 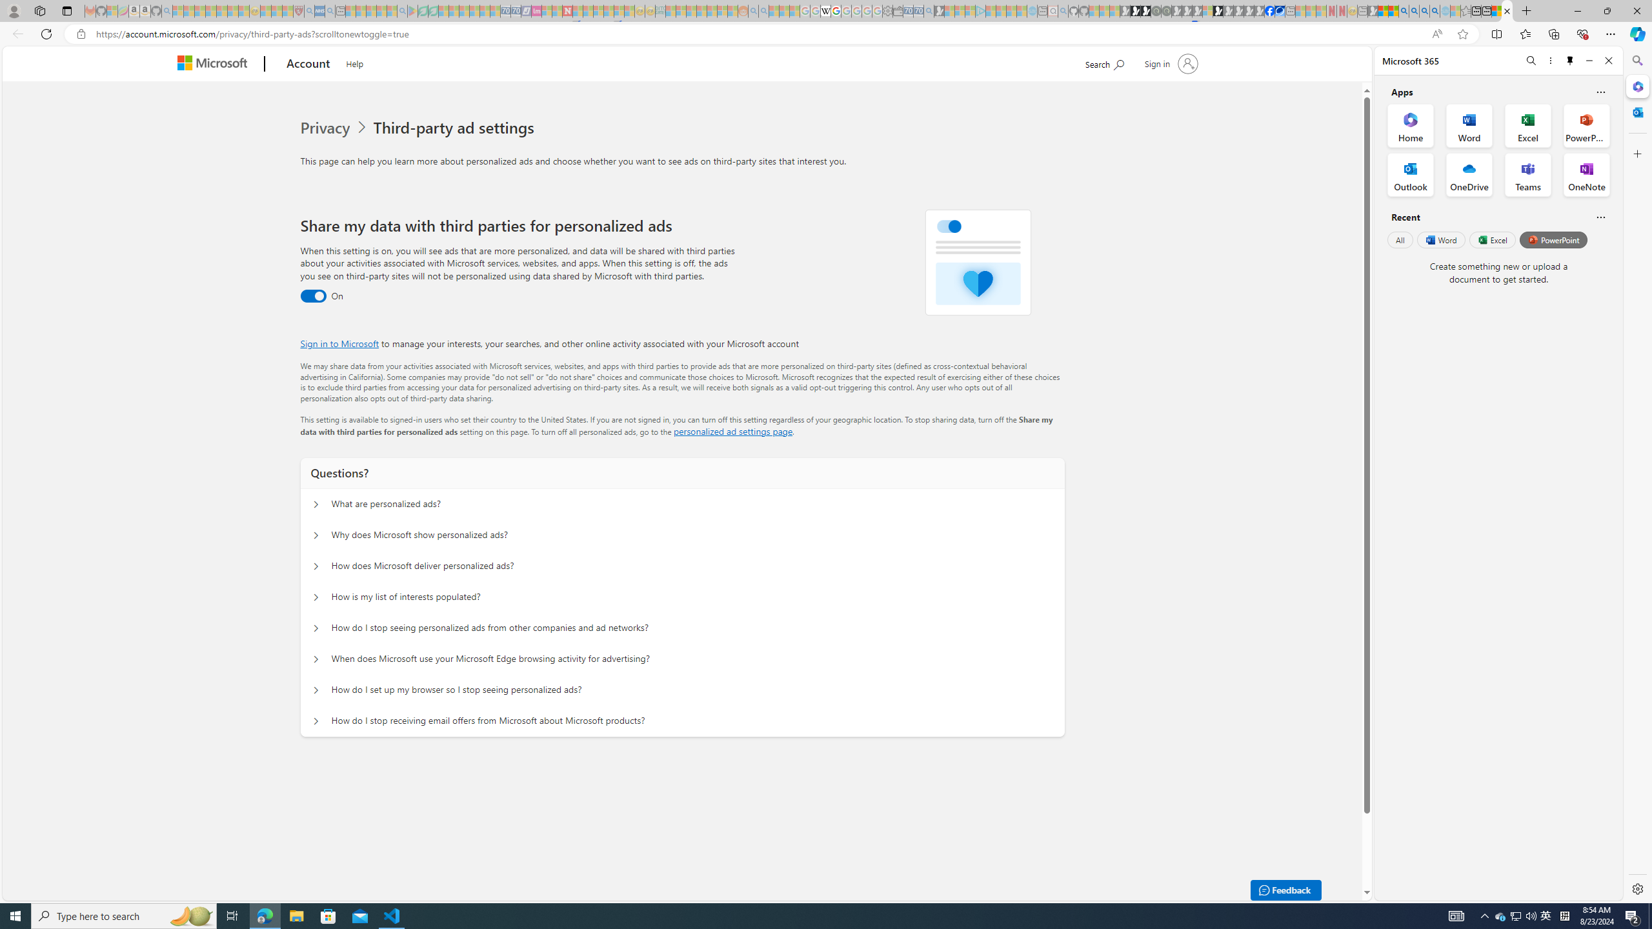 I want to click on 'Sign in to your account', so click(x=1170, y=63).